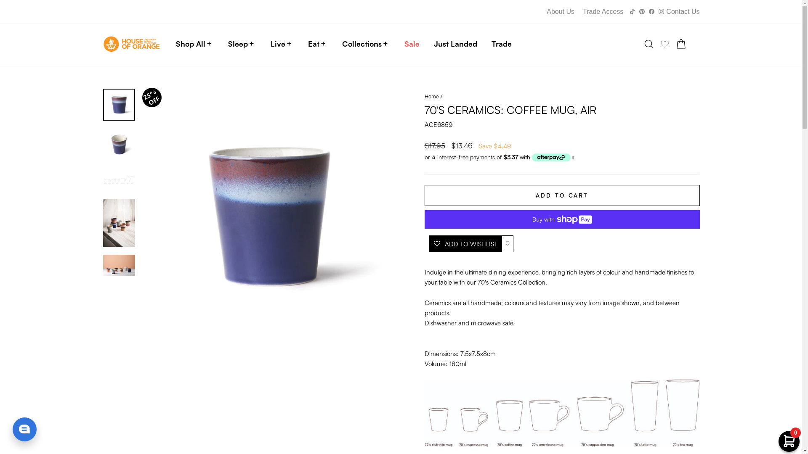 Image resolution: width=808 pixels, height=454 pixels. I want to click on 'Trade', so click(501, 44).